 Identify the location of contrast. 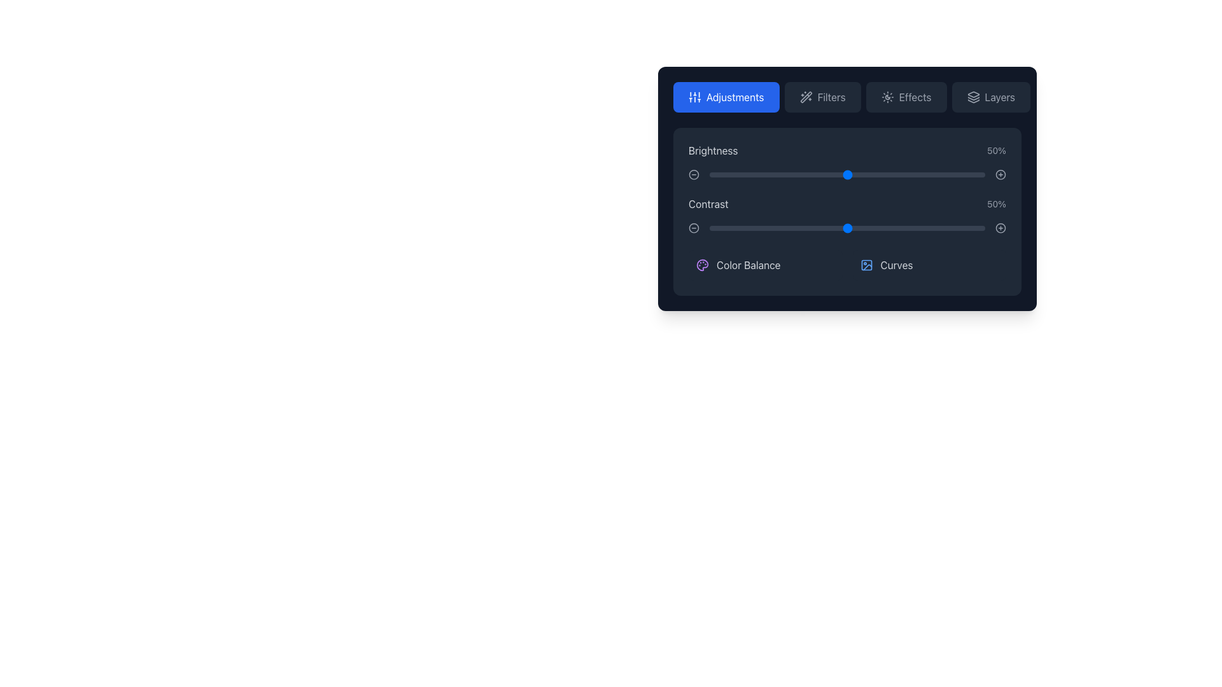
(981, 227).